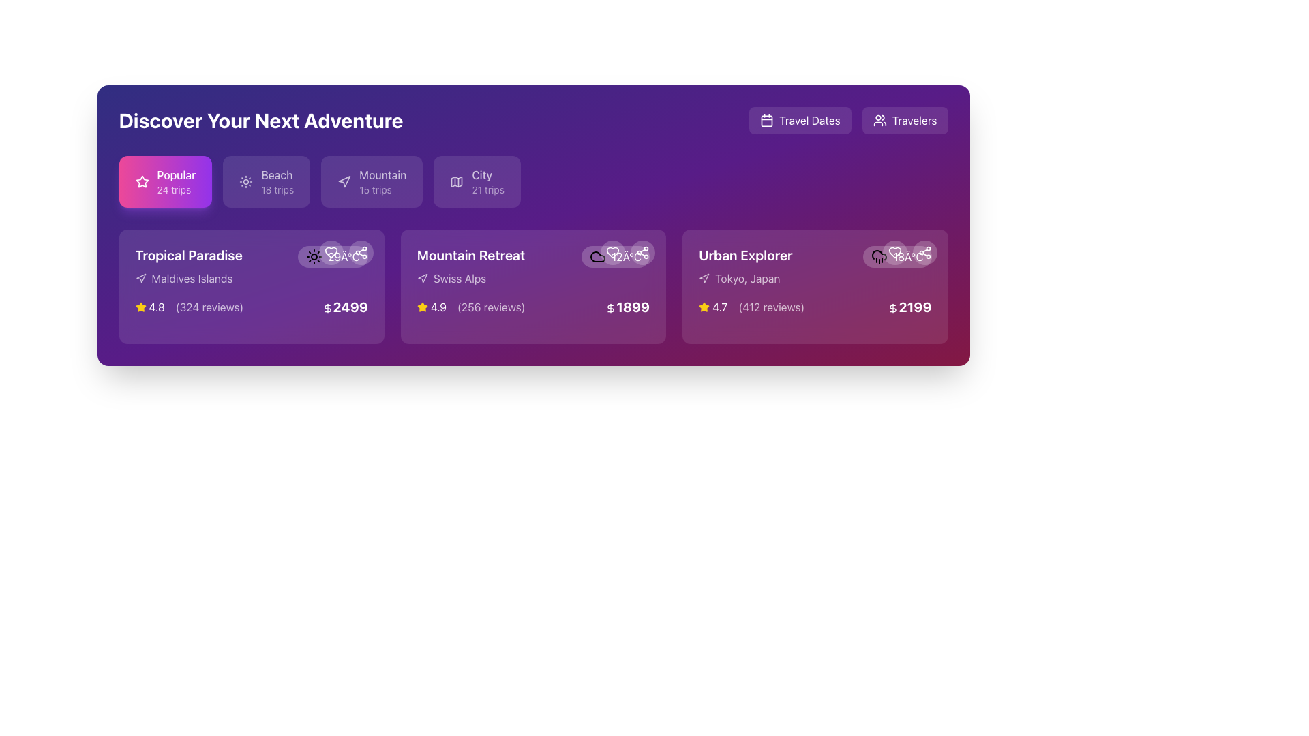 The image size is (1309, 736). I want to click on text label indicating the name of a travel destination, located in the top-left card above the line mentioning 'Maldives Islands', so click(188, 255).